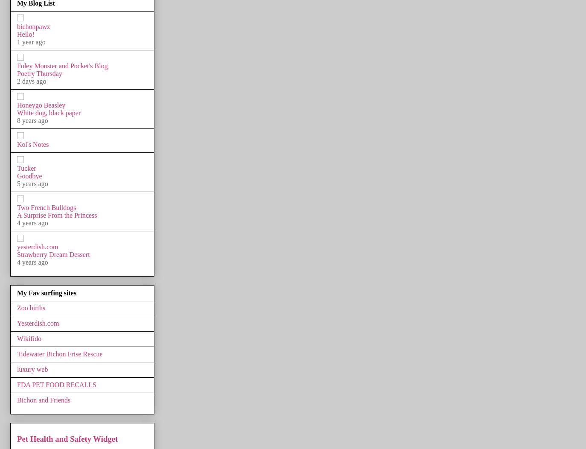 This screenshot has width=586, height=449. What do you see at coordinates (32, 183) in the screenshot?
I see `'5 years ago'` at bounding box center [32, 183].